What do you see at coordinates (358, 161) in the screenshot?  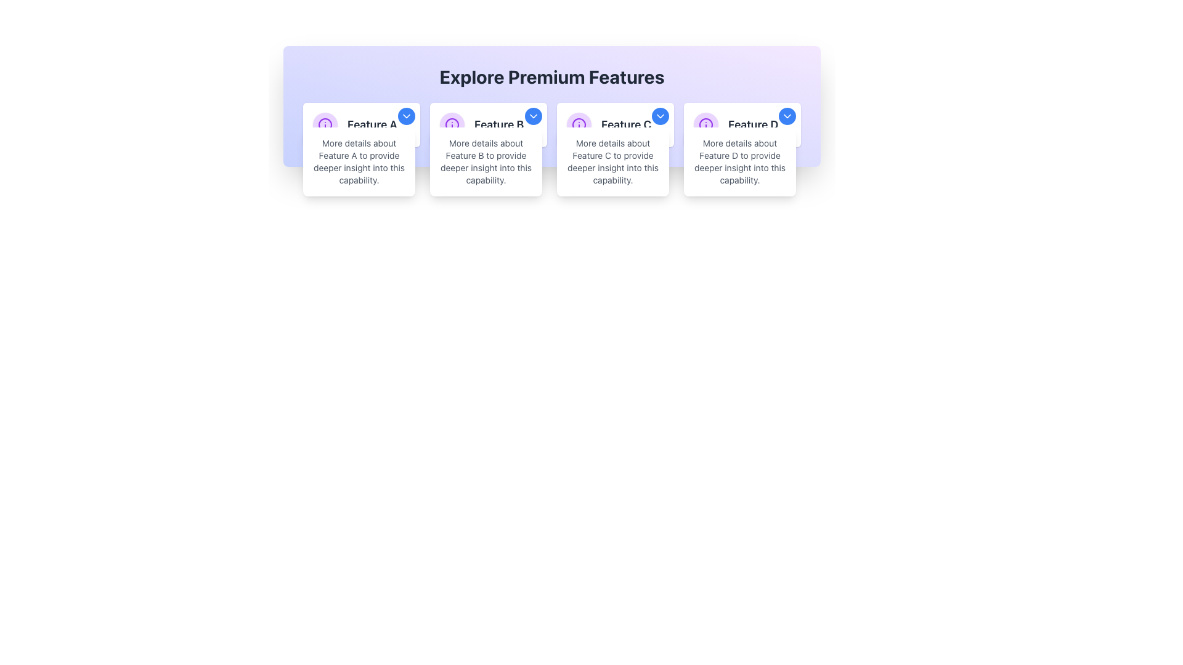 I see `the static text label providing contextual information about 'Feature A' located directly beneath its title in the first card section of horizontally-aligned cards` at bounding box center [358, 161].